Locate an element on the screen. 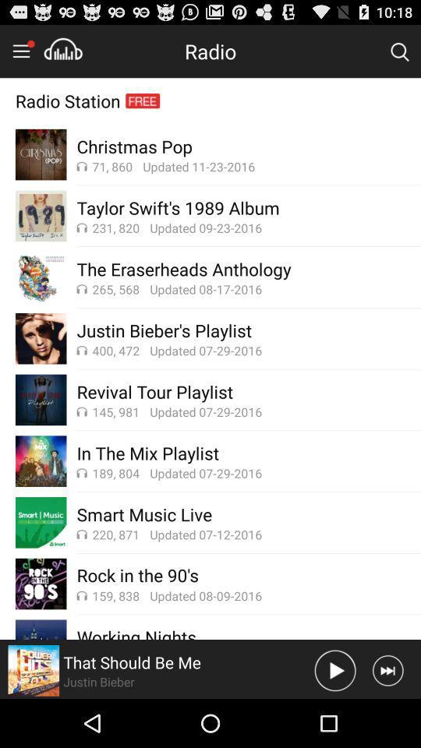  more info on song is located at coordinates (34, 669).